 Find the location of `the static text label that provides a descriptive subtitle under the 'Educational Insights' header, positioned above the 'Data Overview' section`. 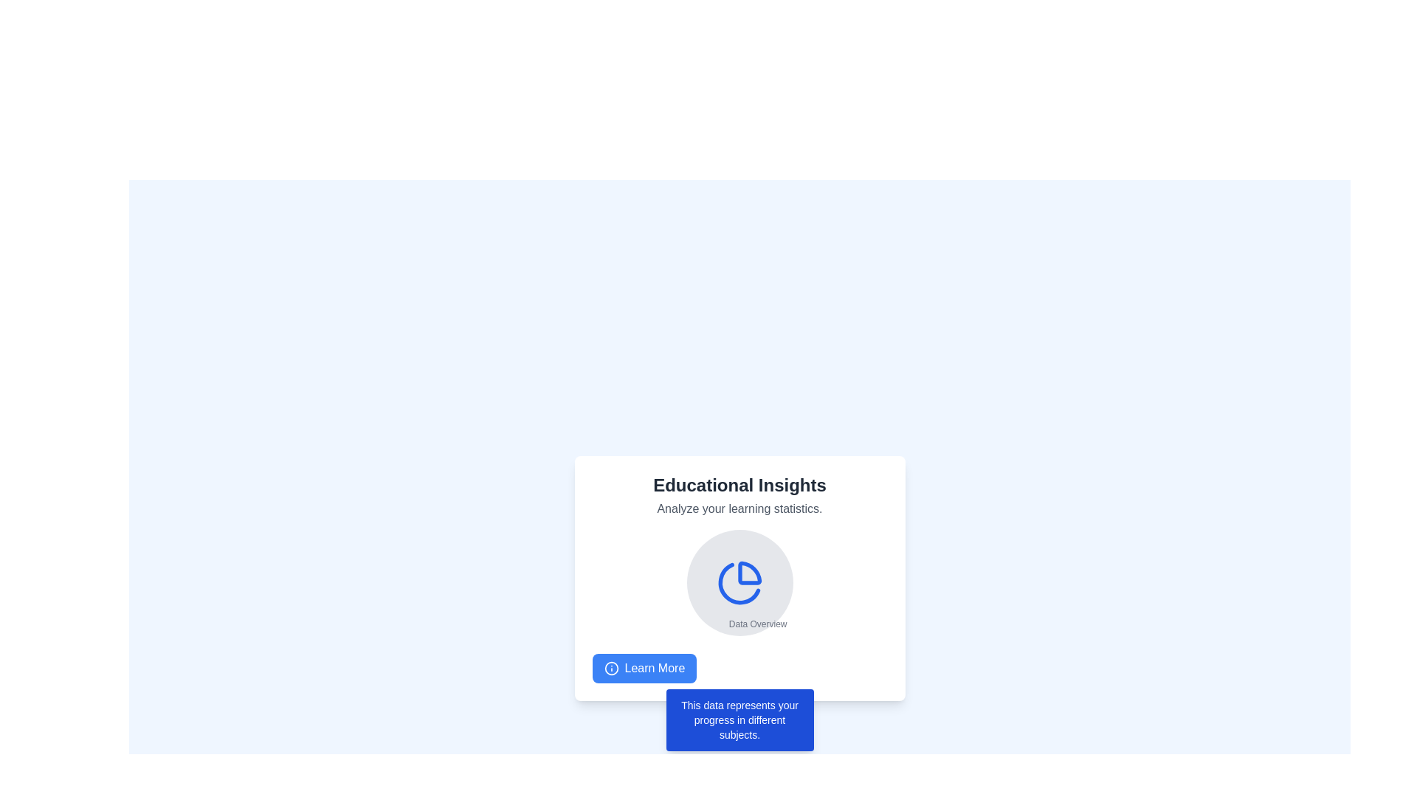

the static text label that provides a descriptive subtitle under the 'Educational Insights' header, positioned above the 'Data Overview' section is located at coordinates (739, 508).